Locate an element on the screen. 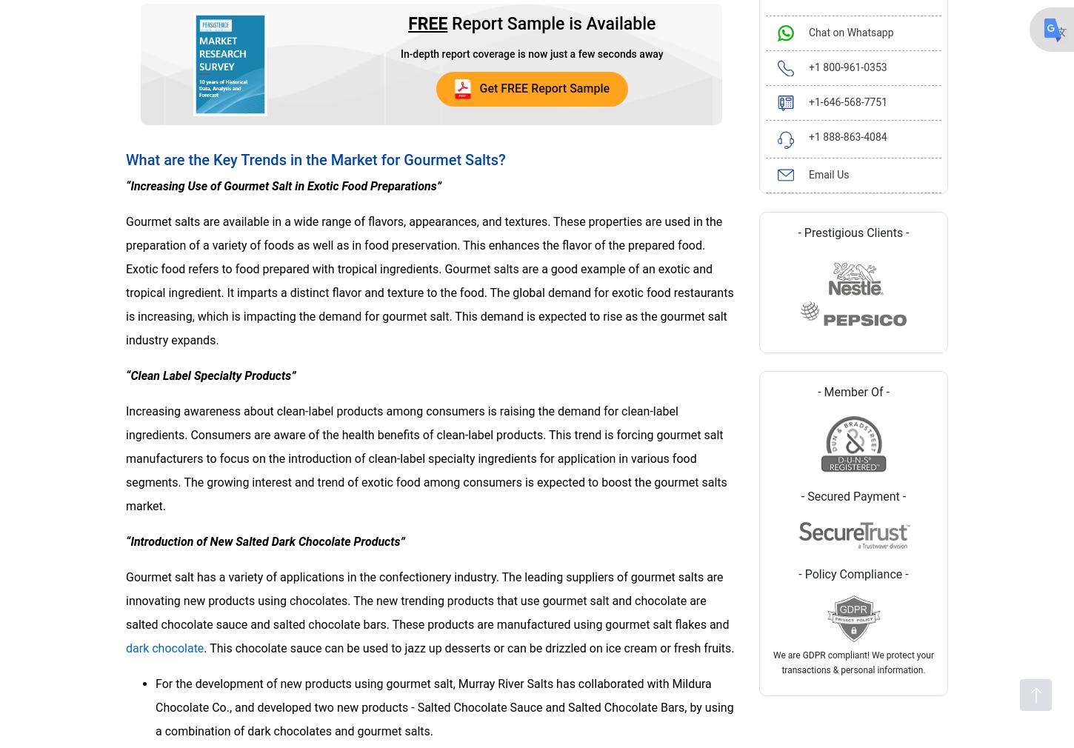 The image size is (1074, 748). '- Policy Compliance -' is located at coordinates (853, 573).